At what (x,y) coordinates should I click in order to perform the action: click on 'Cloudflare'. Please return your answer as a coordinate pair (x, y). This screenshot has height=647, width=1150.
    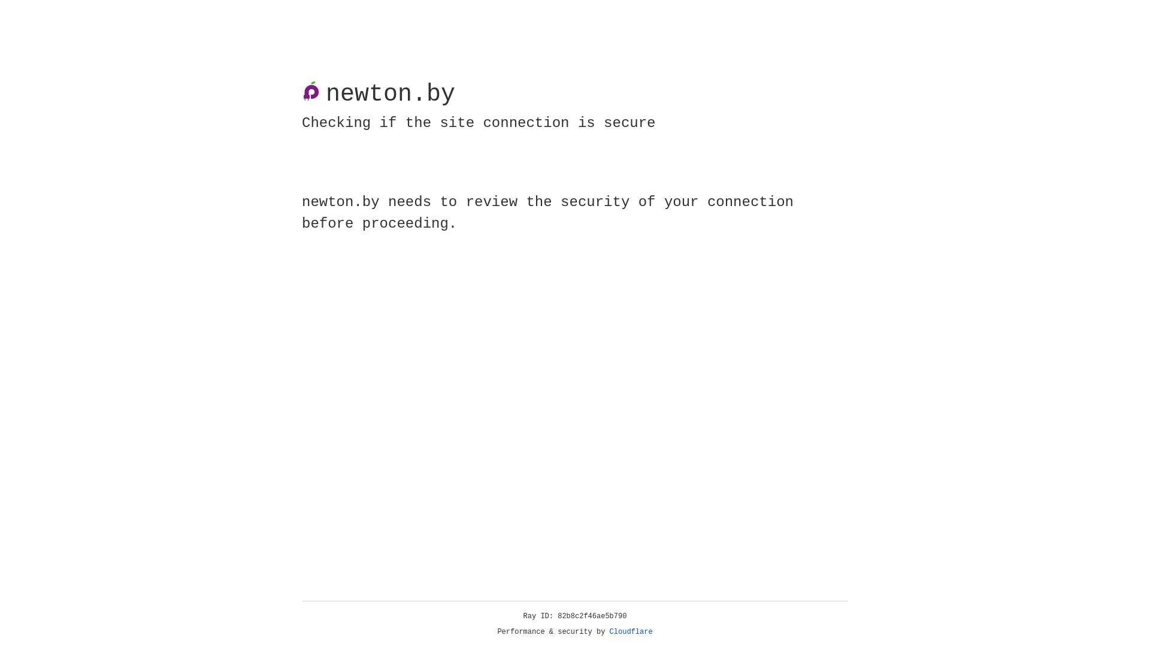
    Looking at the image, I should click on (631, 631).